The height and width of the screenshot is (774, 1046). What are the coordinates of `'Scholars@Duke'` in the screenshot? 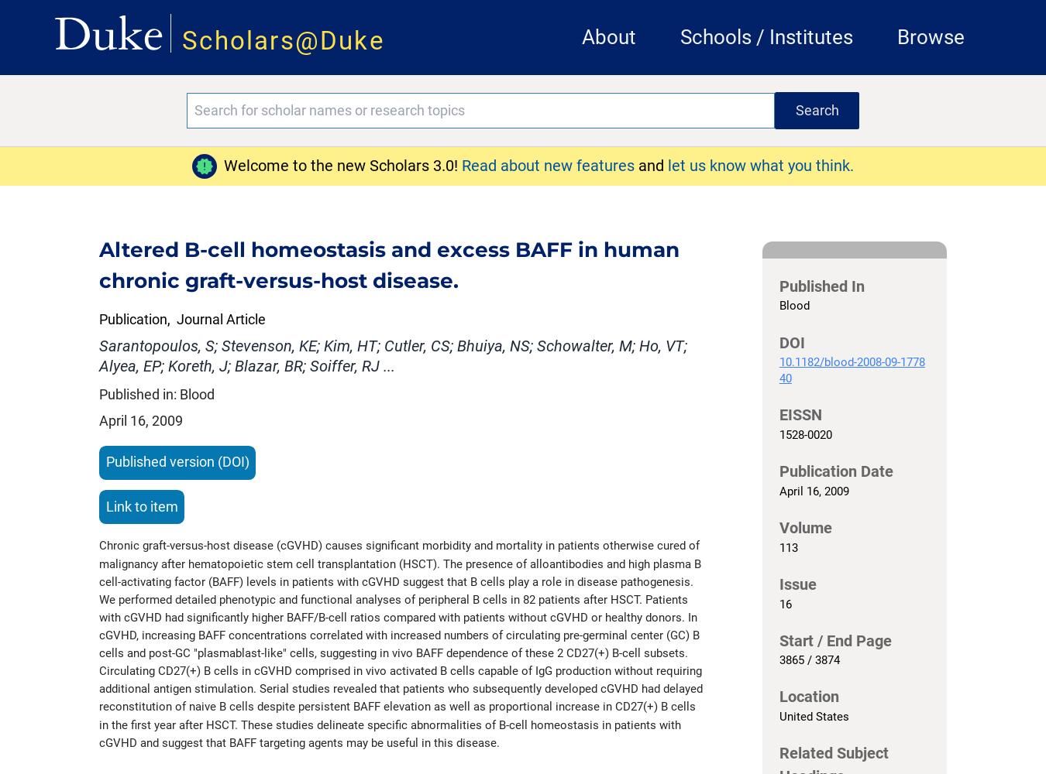 It's located at (283, 40).